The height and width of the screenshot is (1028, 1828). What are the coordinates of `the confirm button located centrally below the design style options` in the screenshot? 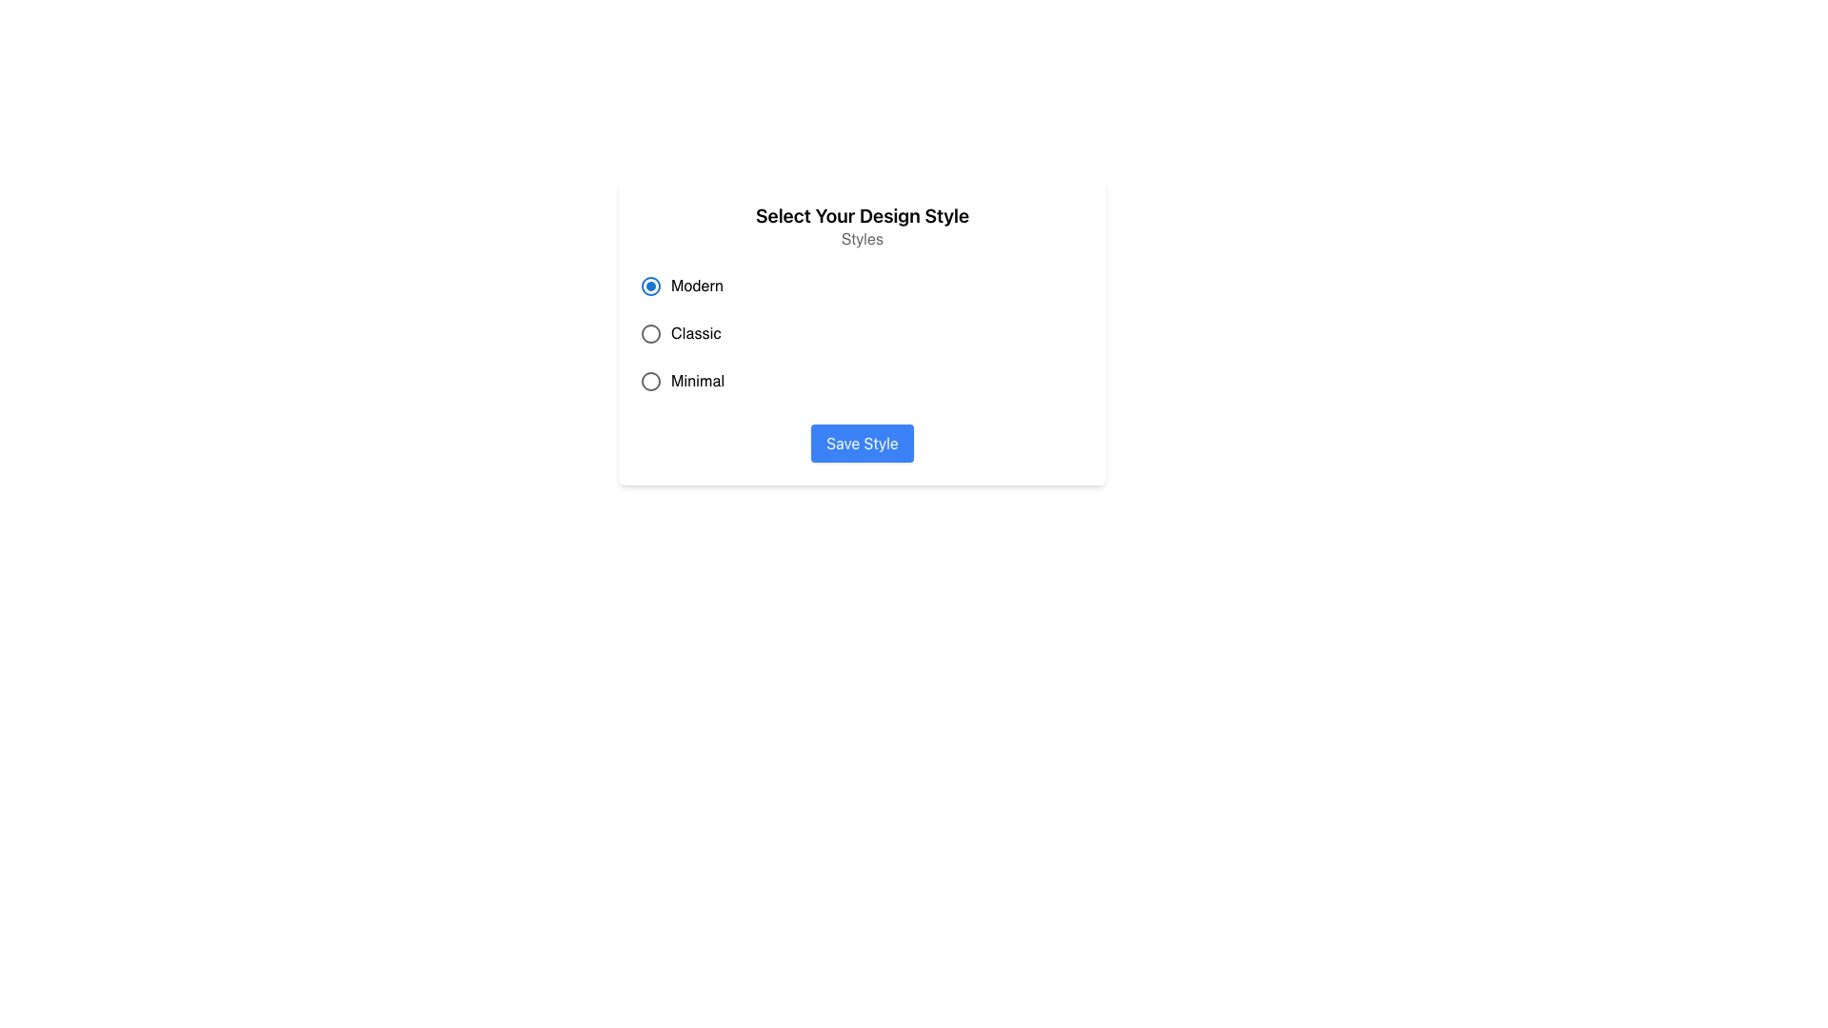 It's located at (862, 444).